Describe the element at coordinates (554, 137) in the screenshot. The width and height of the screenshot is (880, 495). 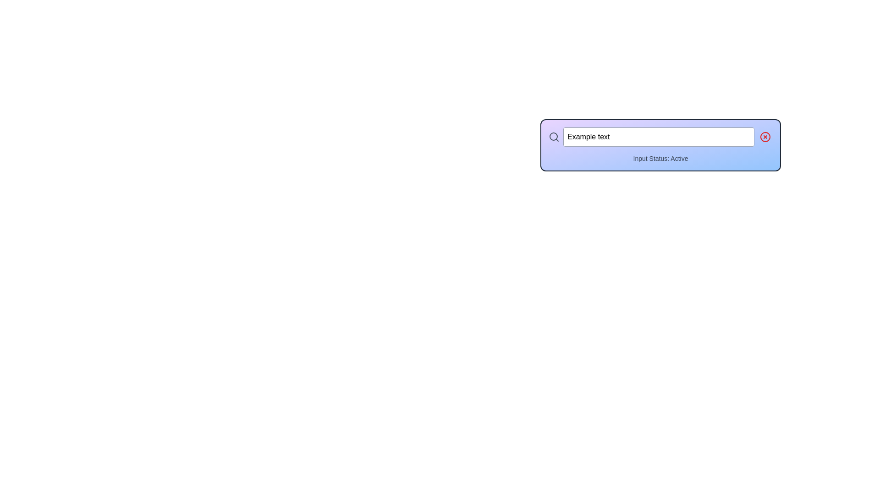
I see `the search icon located to the left of the text input field with placeholder text 'Enter search query...'` at that location.